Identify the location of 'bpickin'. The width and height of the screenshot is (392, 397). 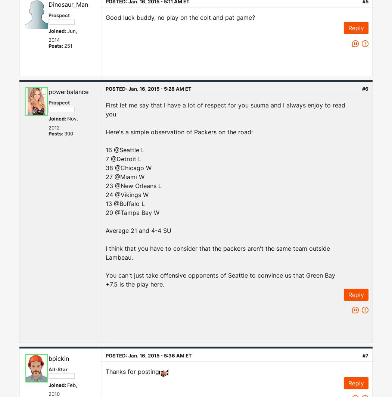
(59, 358).